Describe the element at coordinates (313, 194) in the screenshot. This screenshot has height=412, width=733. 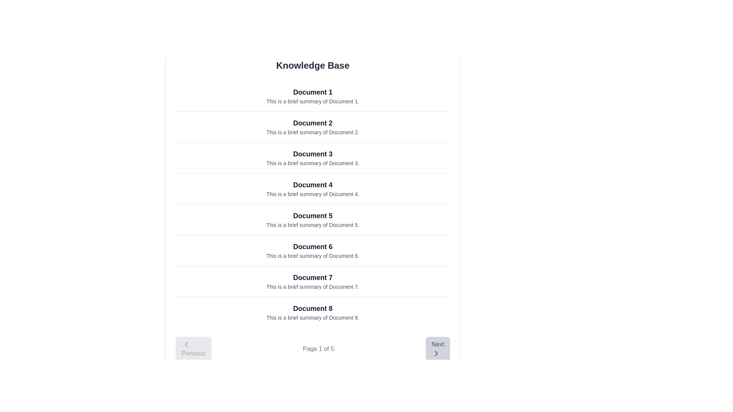
I see `the text label that provides a summary for 'Document 4', located directly below the 'Document 4' heading` at that location.